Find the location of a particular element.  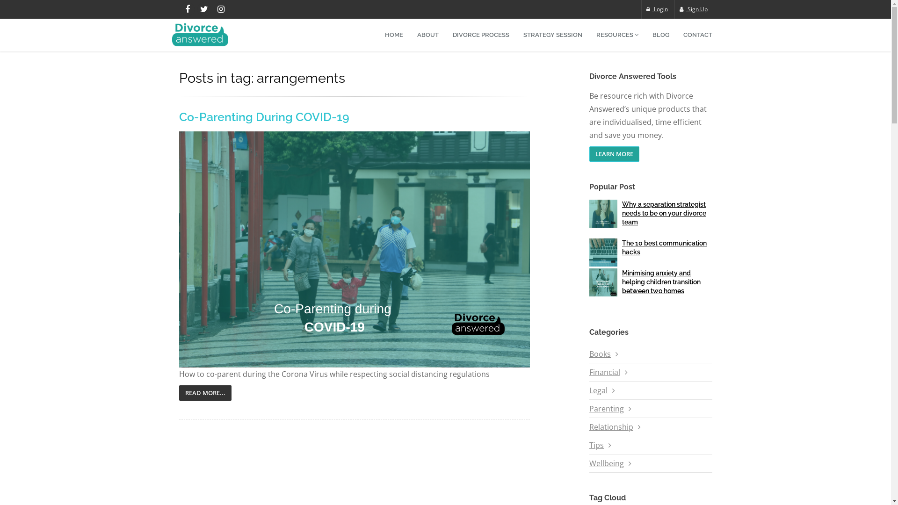

'The 10 best communication hacks' is located at coordinates (664, 247).